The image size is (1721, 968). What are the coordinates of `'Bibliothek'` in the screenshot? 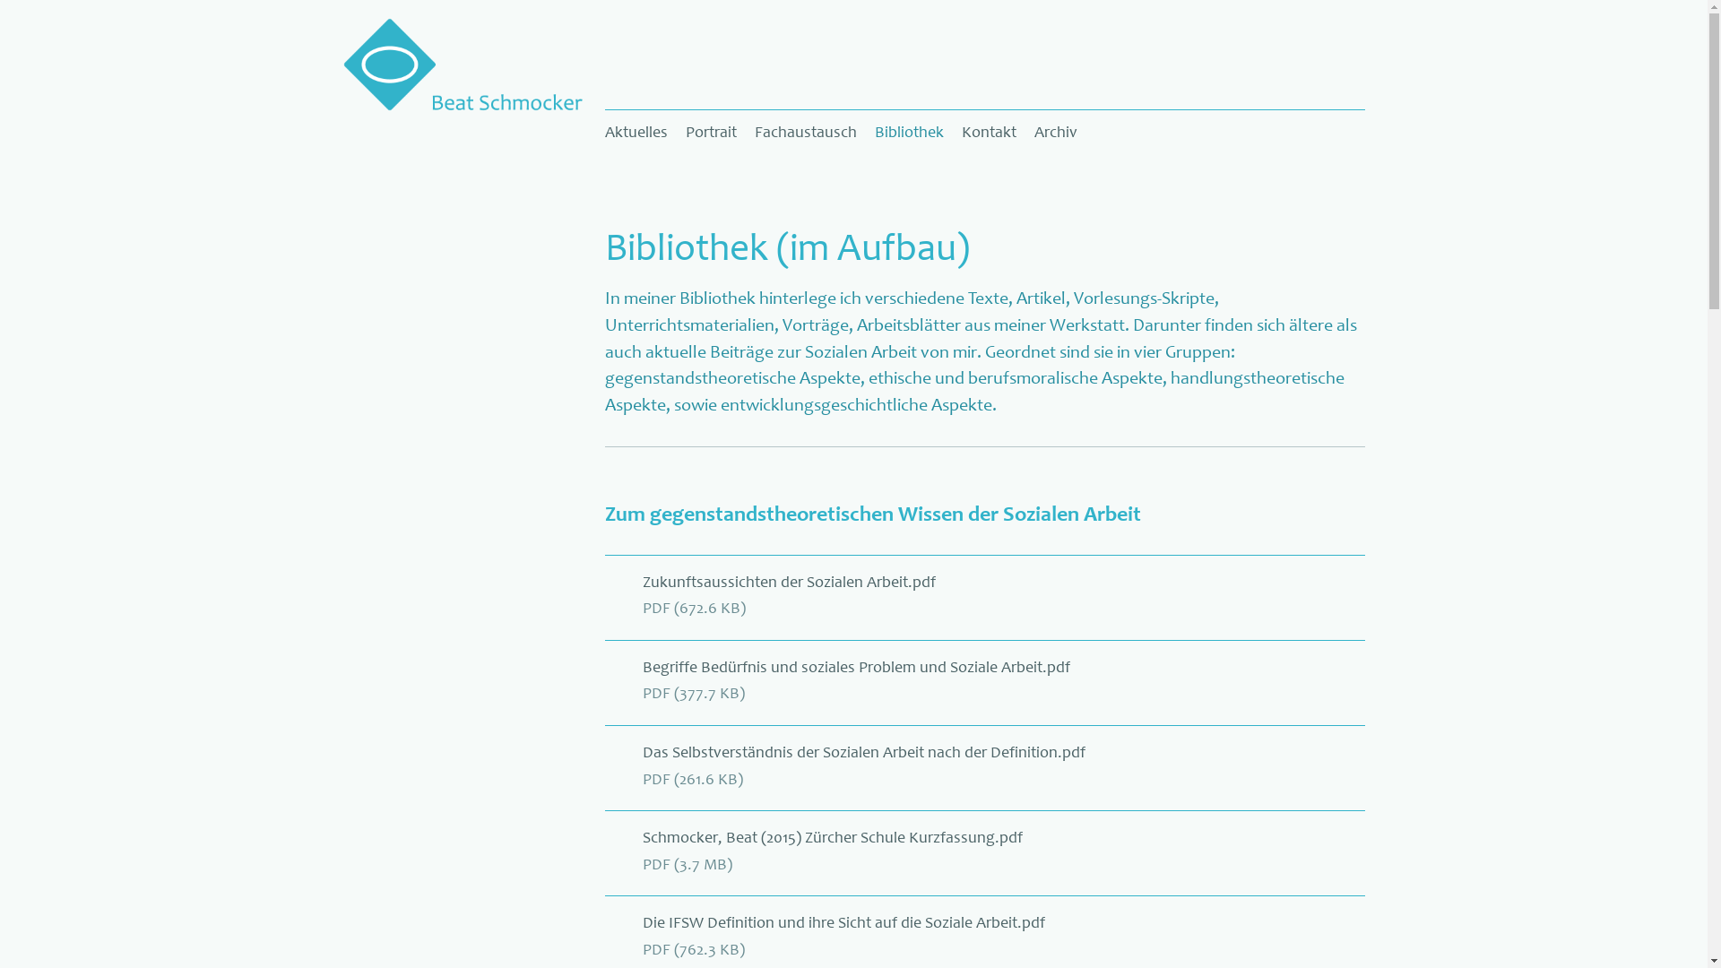 It's located at (909, 131).